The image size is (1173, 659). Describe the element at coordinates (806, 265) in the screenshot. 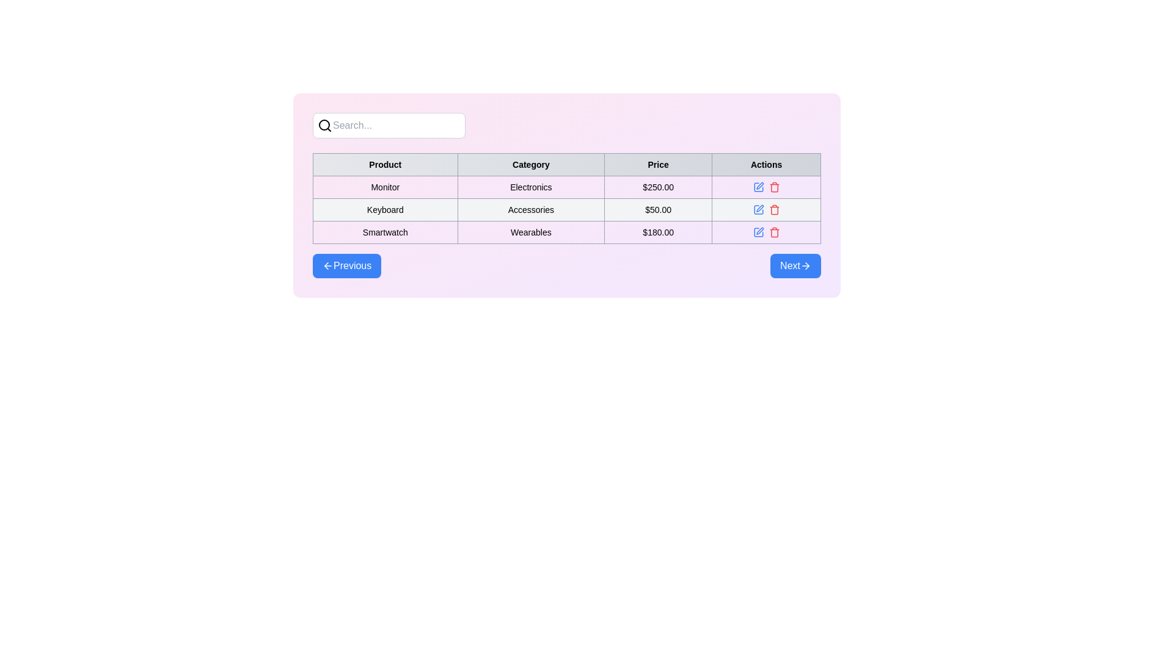

I see `the minimalist rightward arrow icon located within the 'Next' button at the bottom right corner of the UI layout` at that location.